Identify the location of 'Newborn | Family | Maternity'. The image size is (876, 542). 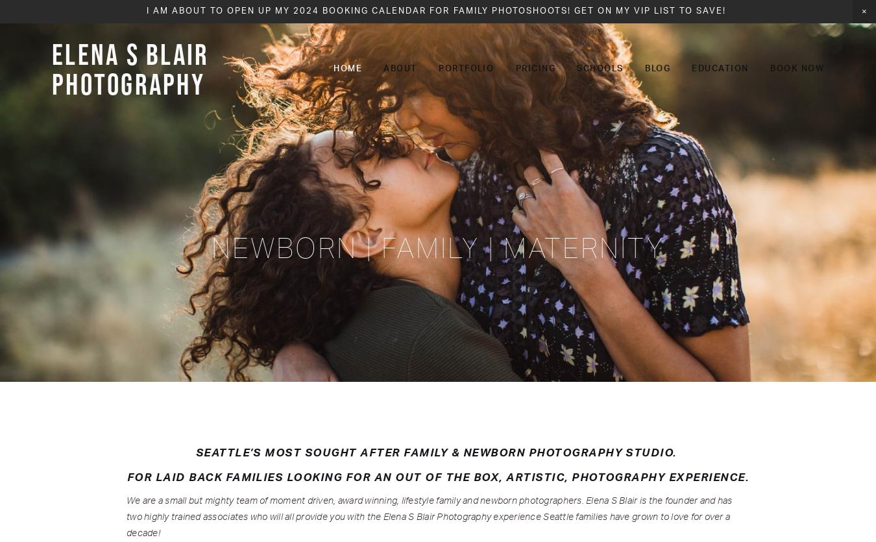
(437, 247).